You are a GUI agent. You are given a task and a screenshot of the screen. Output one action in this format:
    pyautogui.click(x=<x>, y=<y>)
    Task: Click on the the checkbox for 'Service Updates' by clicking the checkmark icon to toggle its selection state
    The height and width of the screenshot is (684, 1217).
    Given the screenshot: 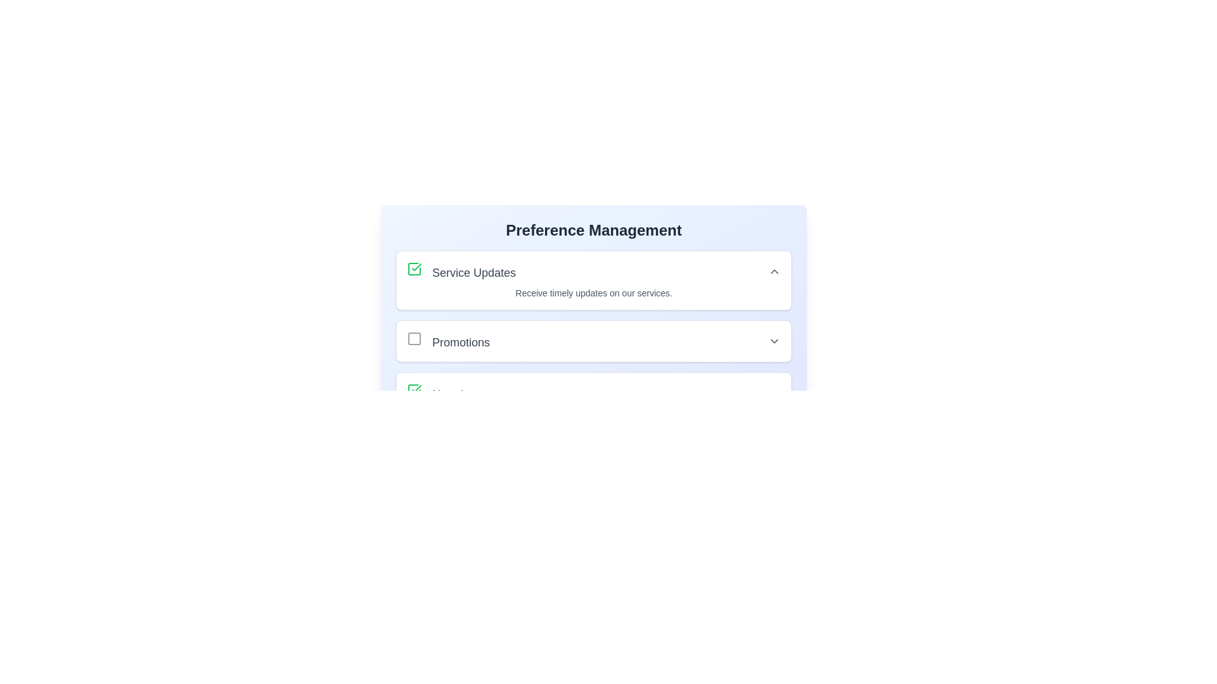 What is the action you would take?
    pyautogui.click(x=416, y=388)
    